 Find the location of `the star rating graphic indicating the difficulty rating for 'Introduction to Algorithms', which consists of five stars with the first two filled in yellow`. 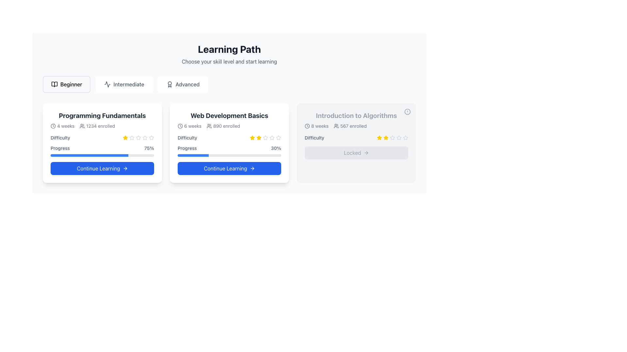

the star rating graphic indicating the difficulty rating for 'Introduction to Algorithms', which consists of five stars with the first two filled in yellow is located at coordinates (392, 138).